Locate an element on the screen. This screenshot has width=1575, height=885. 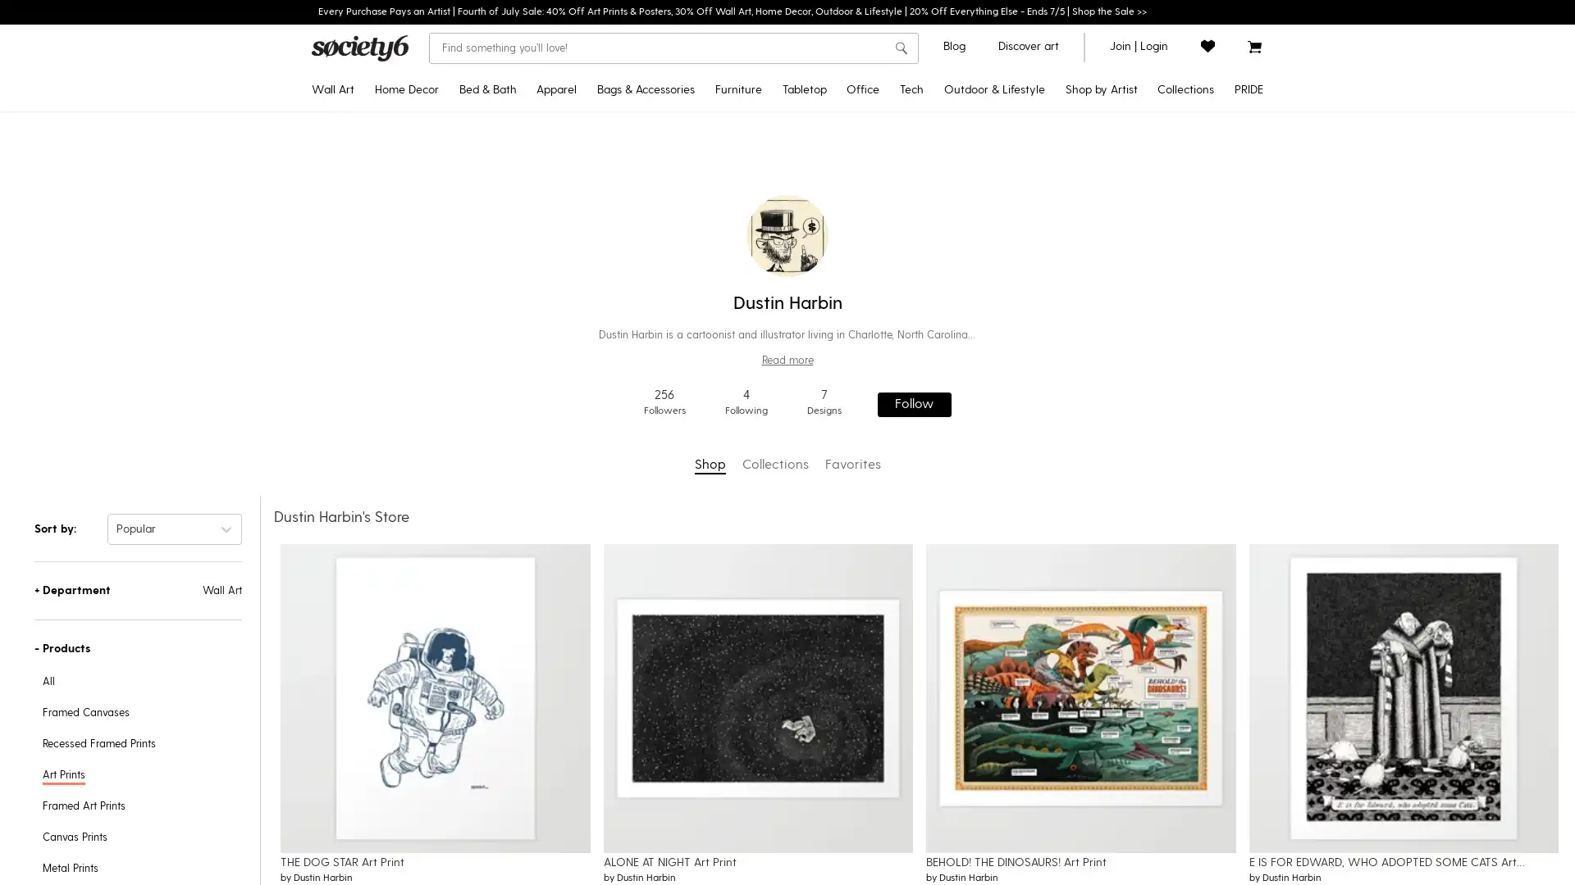
Stationery Cards is located at coordinates (903, 343).